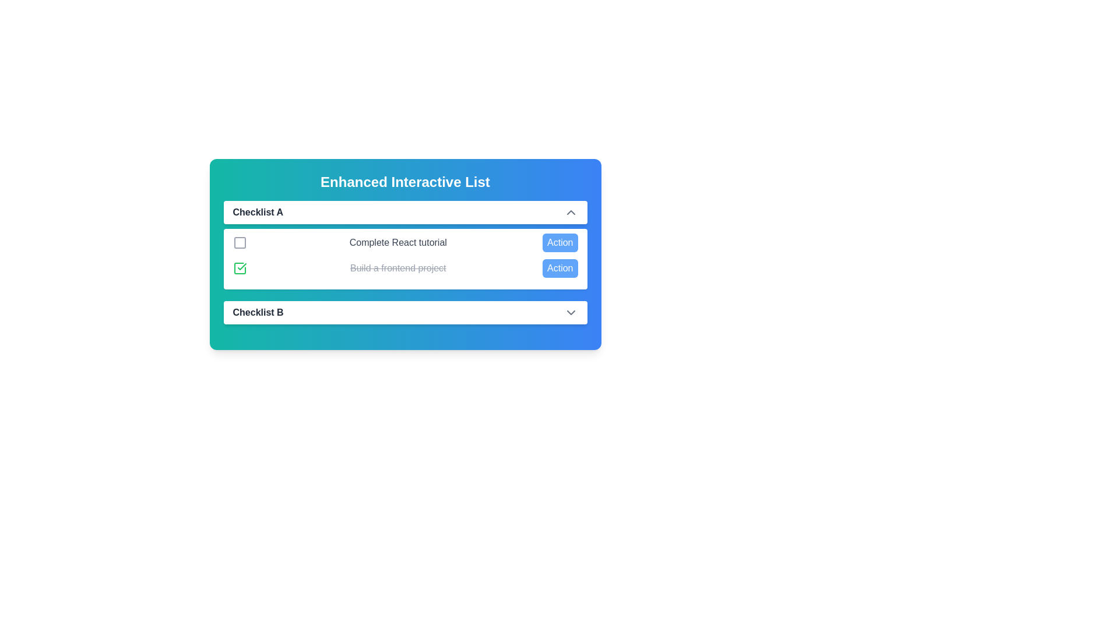 The width and height of the screenshot is (1119, 629). What do you see at coordinates (257, 213) in the screenshot?
I see `text label that serves as the heading of the checklist section, located in the top-left corner of the white rectangular section` at bounding box center [257, 213].